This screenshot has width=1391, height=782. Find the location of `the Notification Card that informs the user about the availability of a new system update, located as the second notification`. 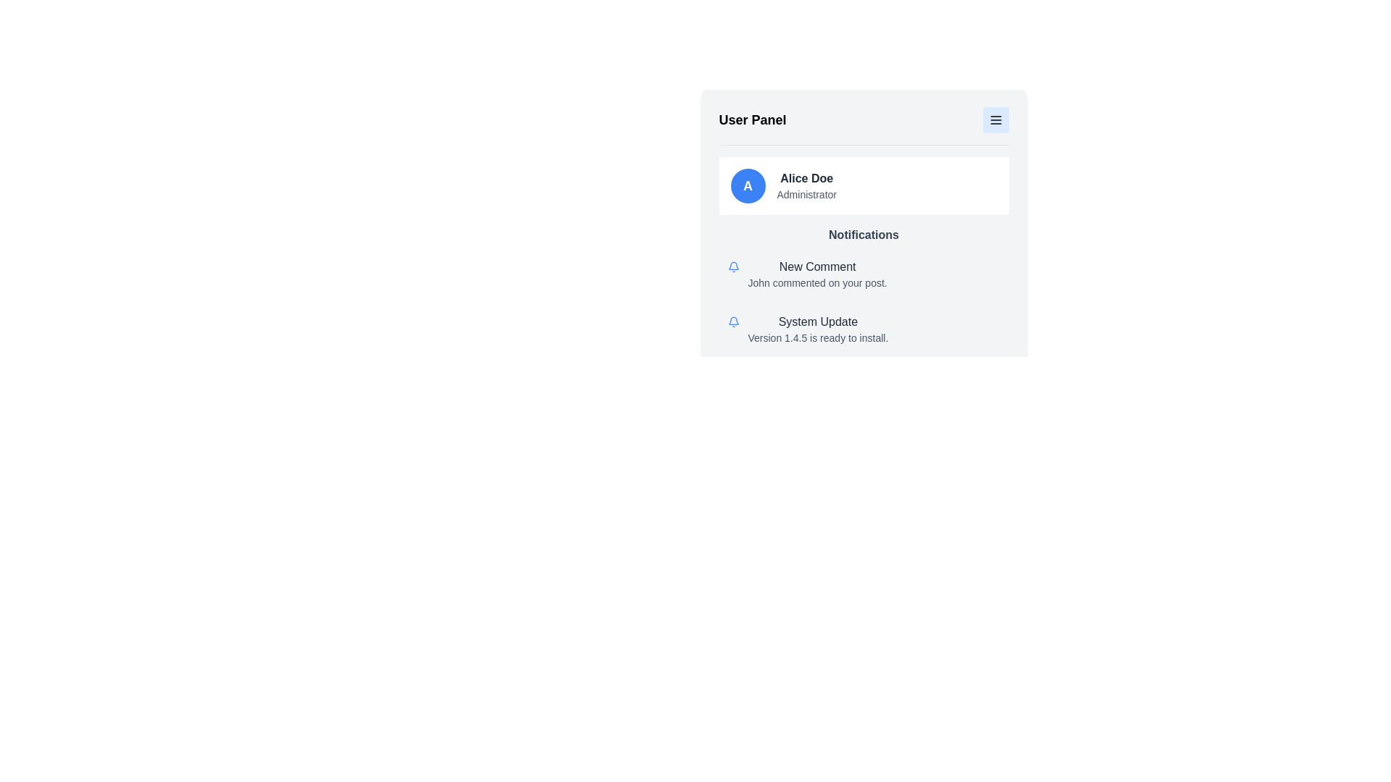

the Notification Card that informs the user about the availability of a new system update, located as the second notification is located at coordinates (864, 329).